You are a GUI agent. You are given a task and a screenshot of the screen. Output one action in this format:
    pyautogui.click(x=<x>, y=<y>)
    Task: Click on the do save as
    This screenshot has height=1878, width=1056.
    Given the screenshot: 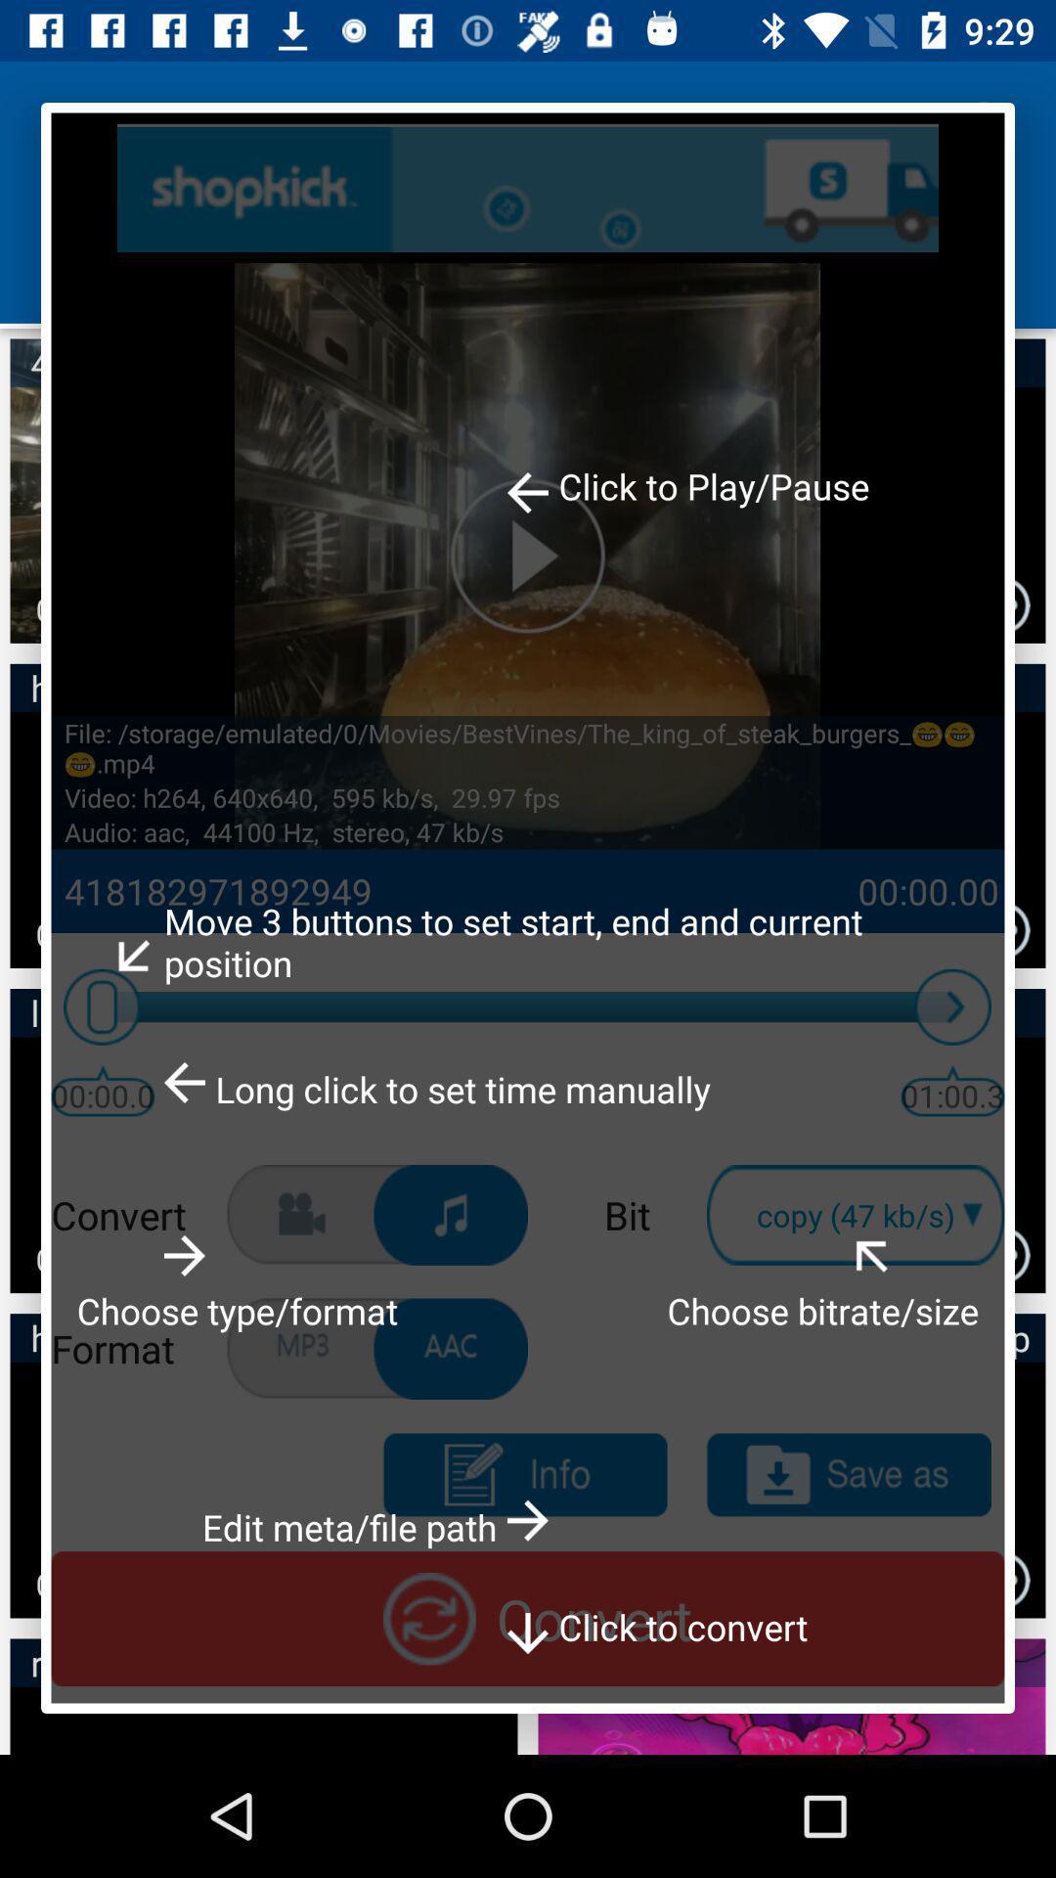 What is the action you would take?
    pyautogui.click(x=848, y=1475)
    